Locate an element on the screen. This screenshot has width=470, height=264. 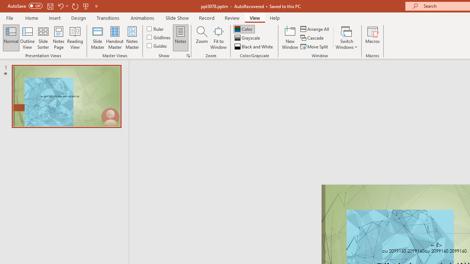
'Grid Settings...' is located at coordinates (188, 55).